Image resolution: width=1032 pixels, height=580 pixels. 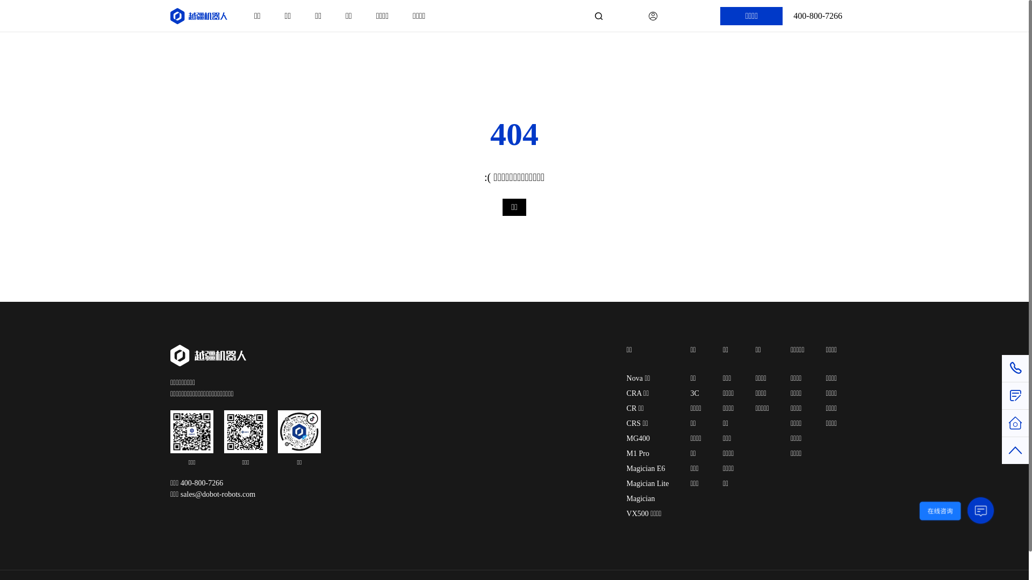 I want to click on '3C', so click(x=694, y=393).